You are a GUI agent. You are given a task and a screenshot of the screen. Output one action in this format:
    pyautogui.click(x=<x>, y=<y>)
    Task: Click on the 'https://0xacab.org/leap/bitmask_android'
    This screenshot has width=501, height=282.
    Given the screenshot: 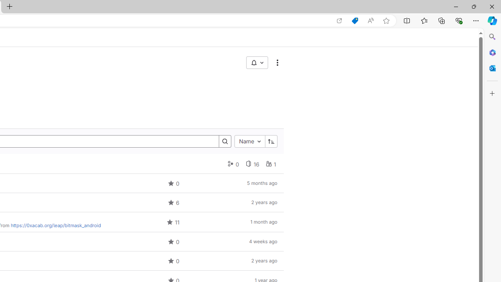 What is the action you would take?
    pyautogui.click(x=55, y=225)
    